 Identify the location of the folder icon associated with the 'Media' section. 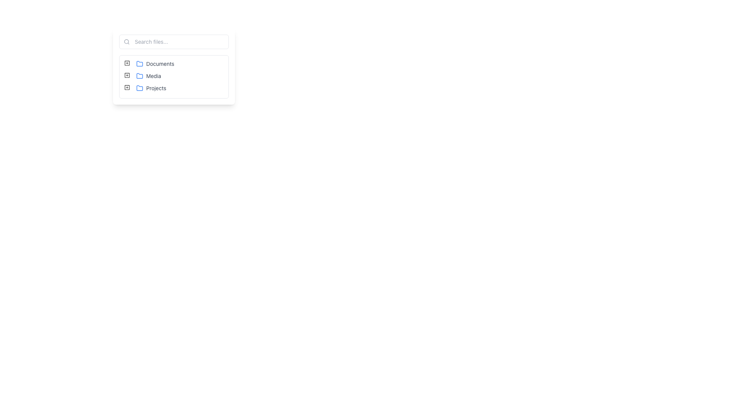
(139, 76).